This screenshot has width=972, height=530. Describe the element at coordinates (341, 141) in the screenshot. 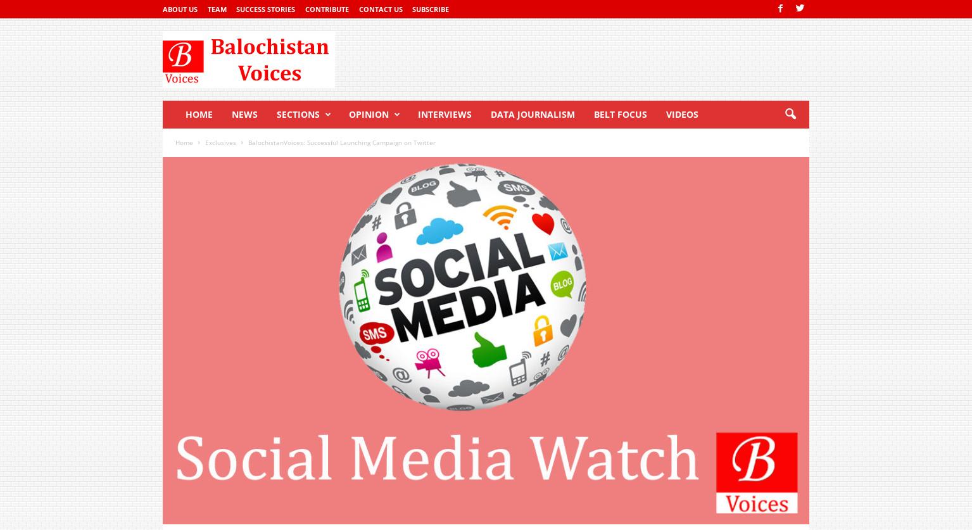

I see `'BalochistanVoices: Successful Launching Campaign on Twitter'` at that location.